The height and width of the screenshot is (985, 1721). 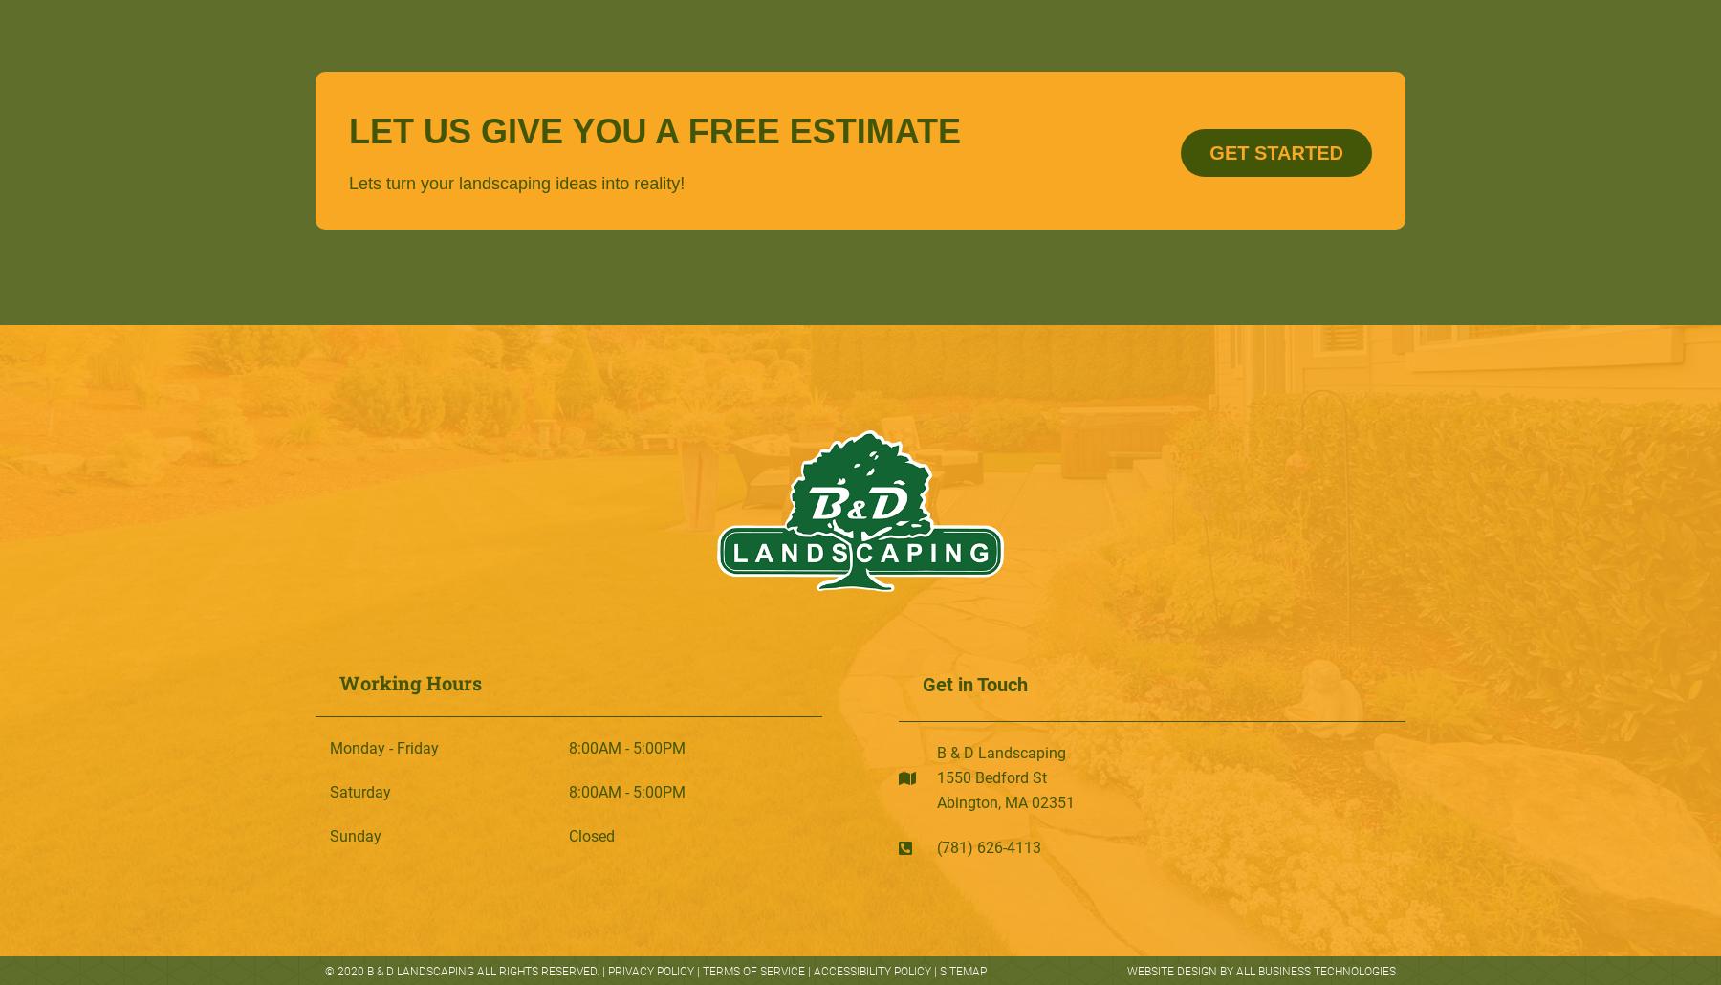 What do you see at coordinates (654, 129) in the screenshot?
I see `'LET US GIVE YOU A FREE ESTIMATE'` at bounding box center [654, 129].